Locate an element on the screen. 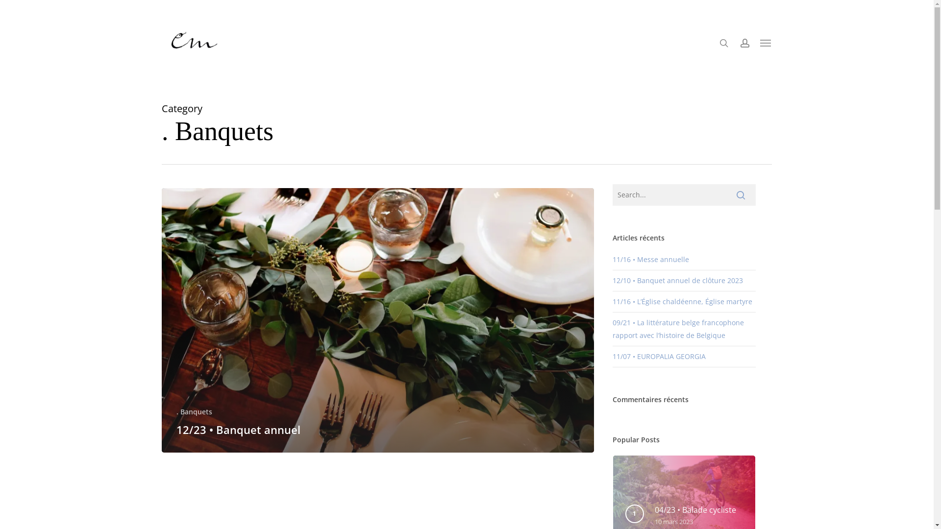  'account' is located at coordinates (745, 43).